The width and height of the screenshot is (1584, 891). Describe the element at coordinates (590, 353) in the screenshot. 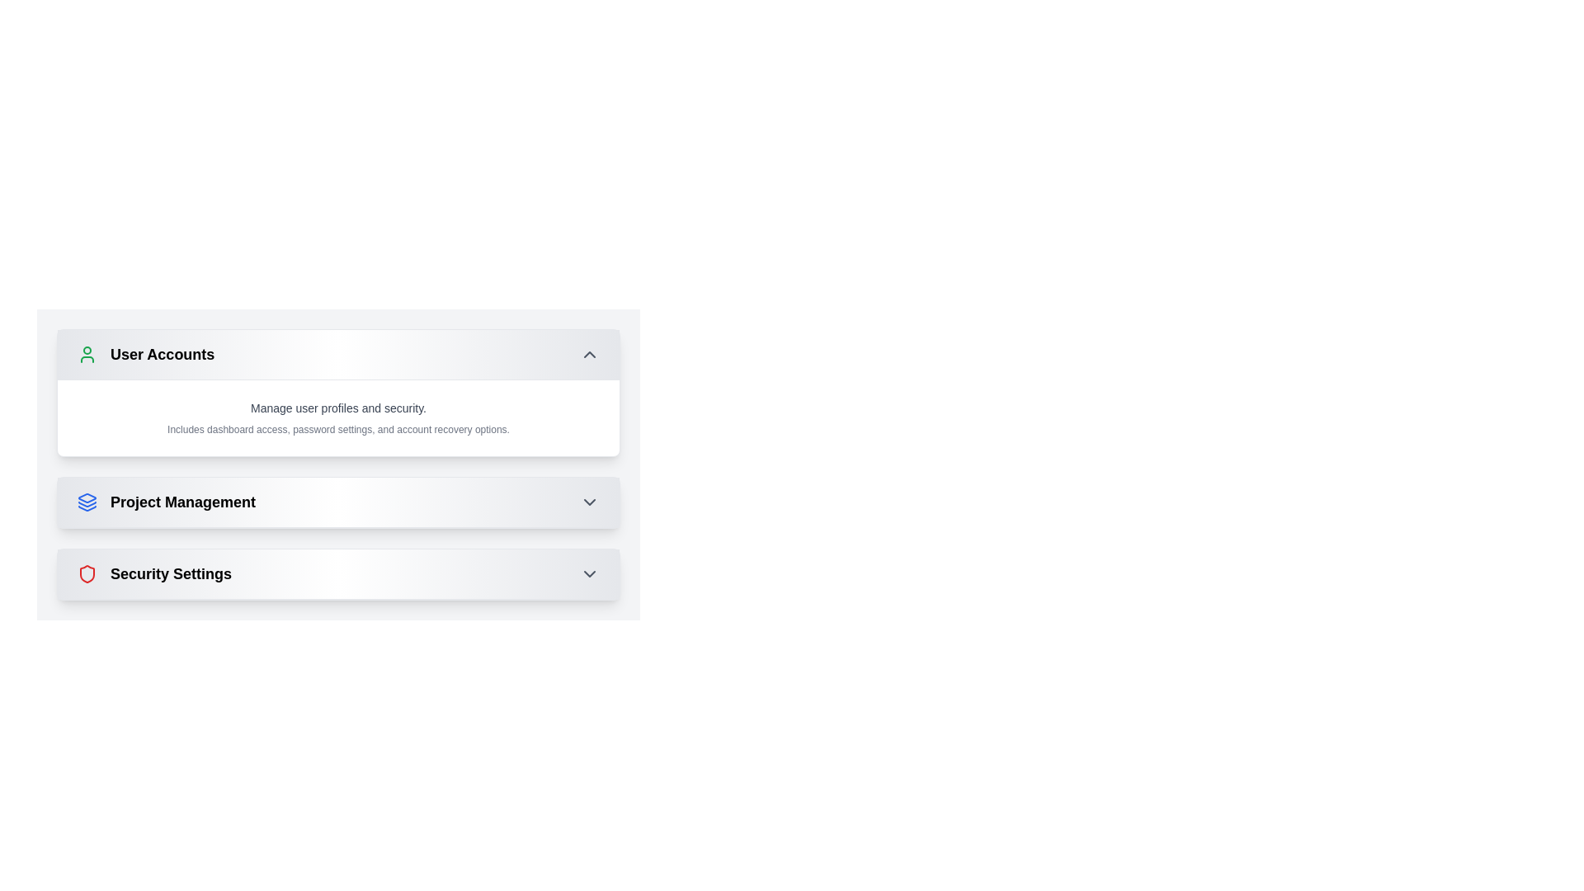

I see `the toggle button for the 'User Accounts' section` at that location.